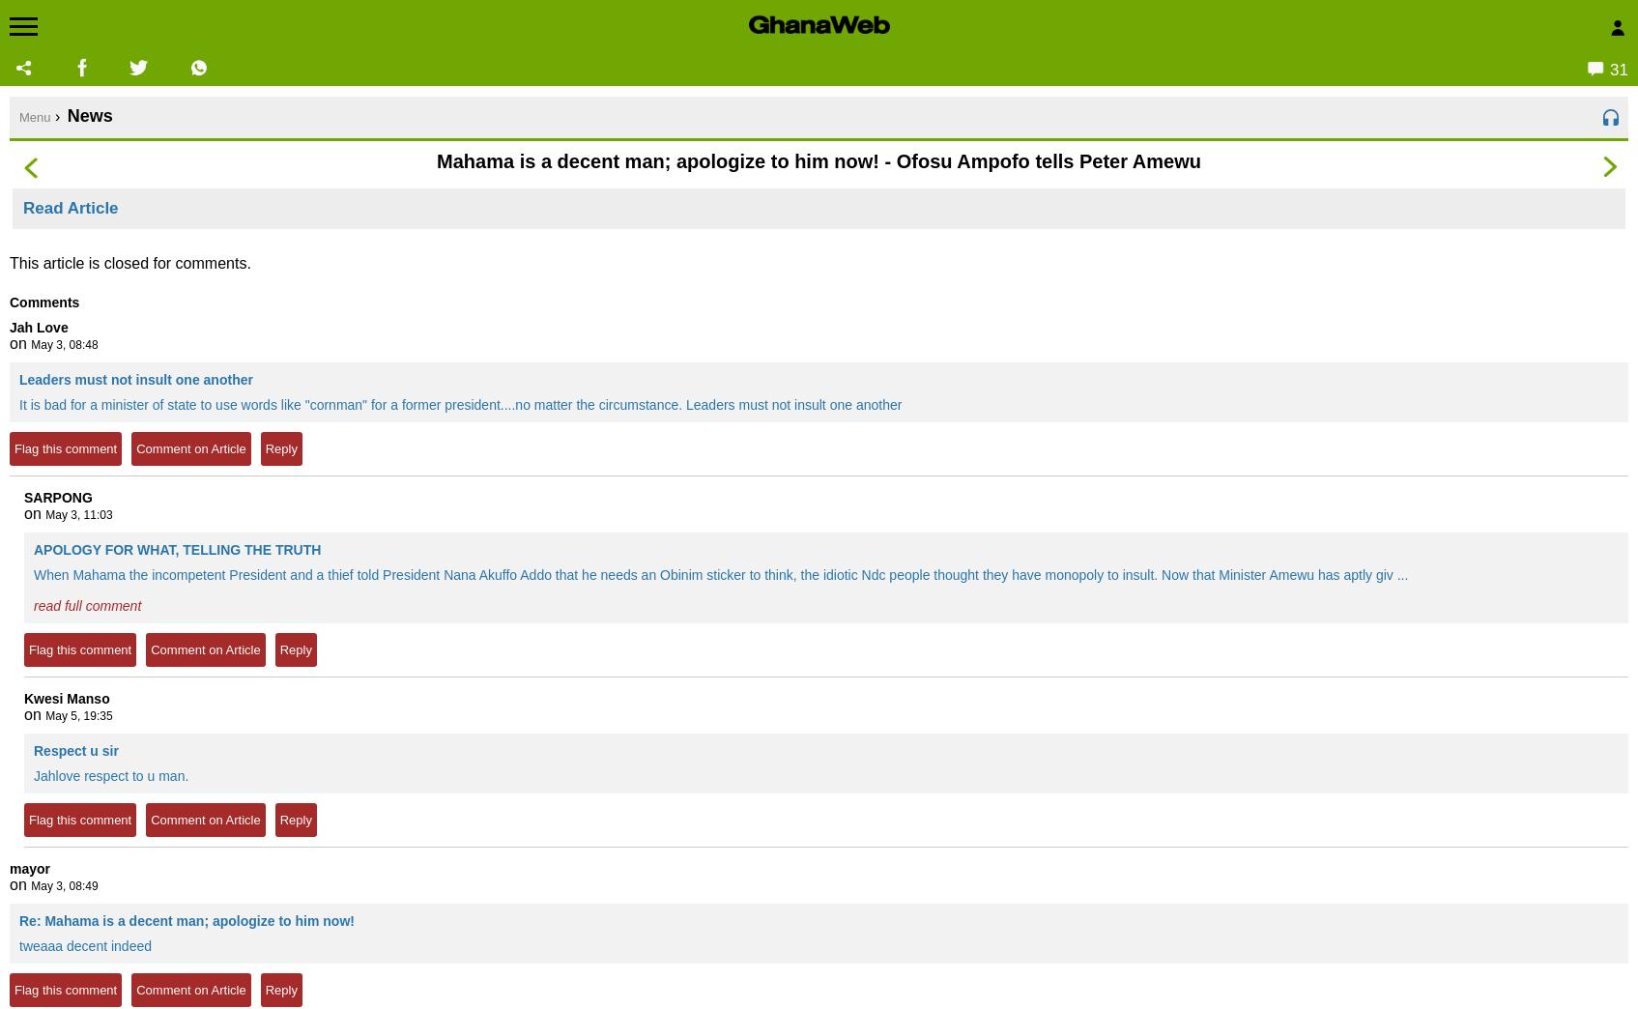  Describe the element at coordinates (63, 885) in the screenshot. I see `'May  3, 08:49'` at that location.